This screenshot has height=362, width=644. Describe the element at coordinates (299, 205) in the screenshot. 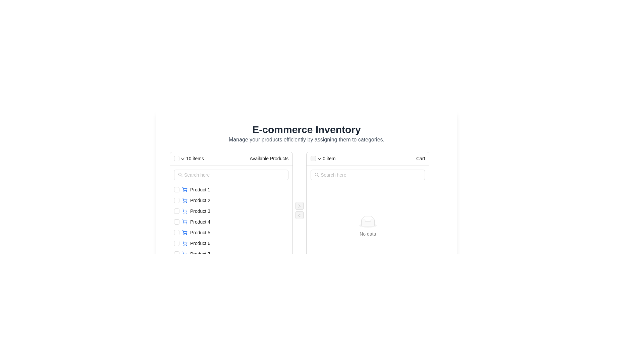

I see `the right-pointing arrow button located between the 'Available Products' and 'Cart' panes` at that location.